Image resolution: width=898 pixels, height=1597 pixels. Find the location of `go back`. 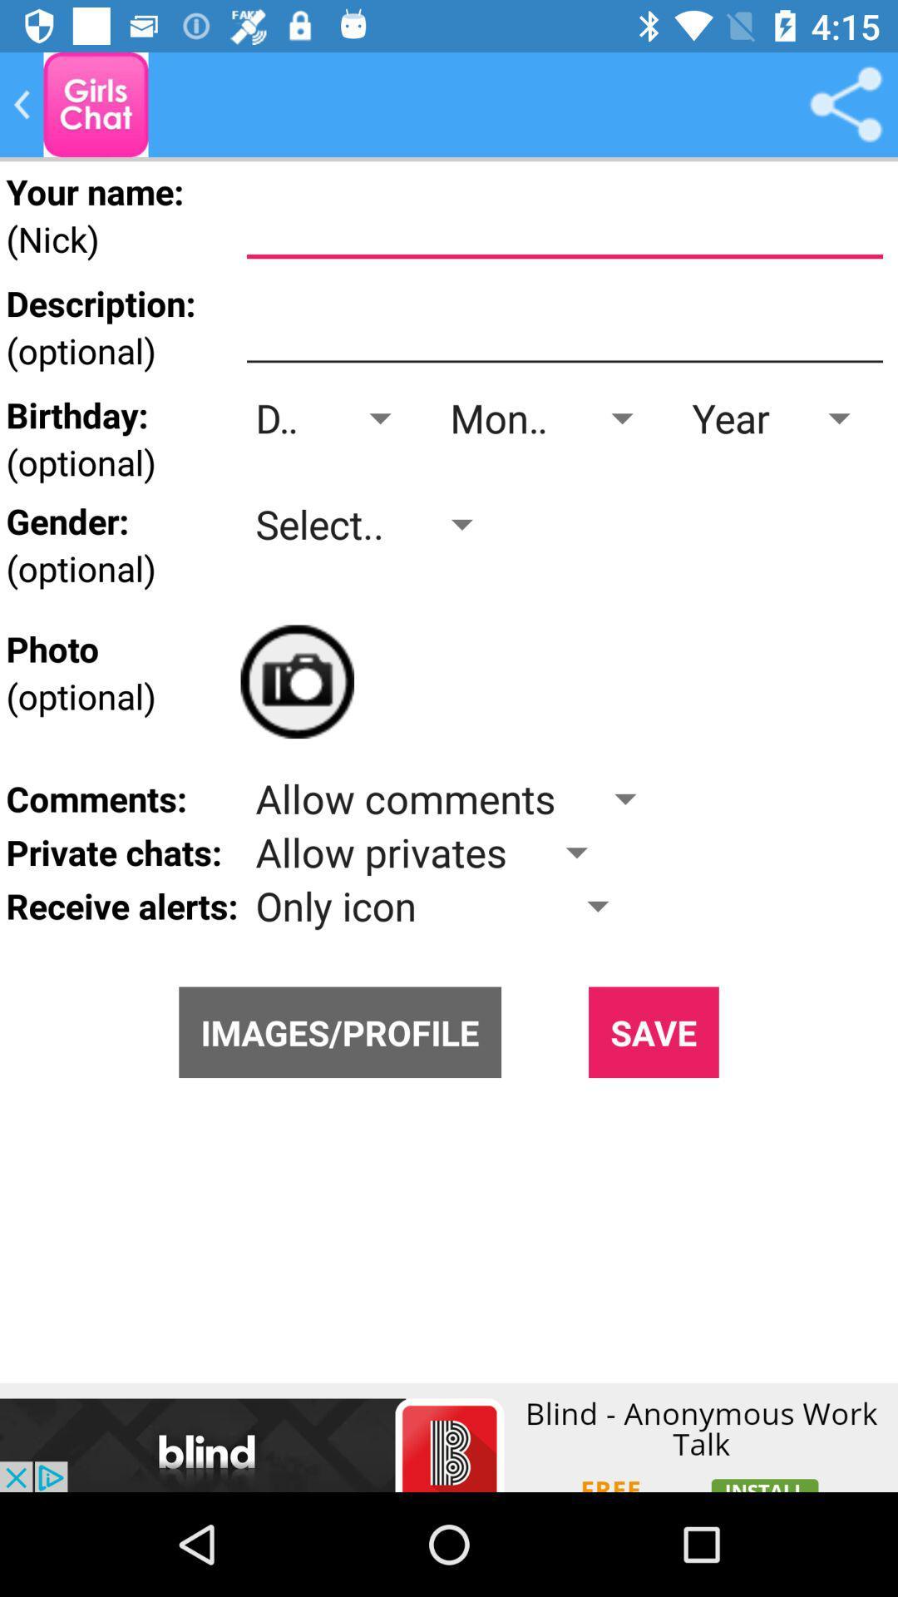

go back is located at coordinates (96, 103).